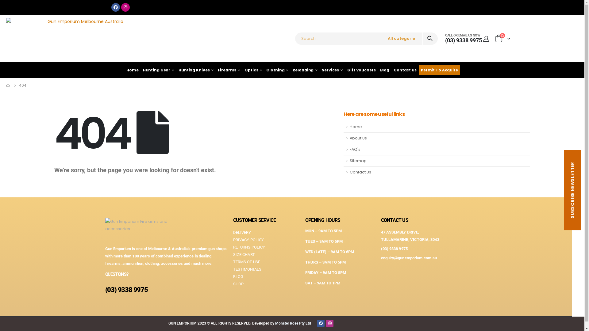 The width and height of the screenshot is (589, 331). Describe the element at coordinates (381, 249) in the screenshot. I see `'(03) 9338 9975'` at that location.